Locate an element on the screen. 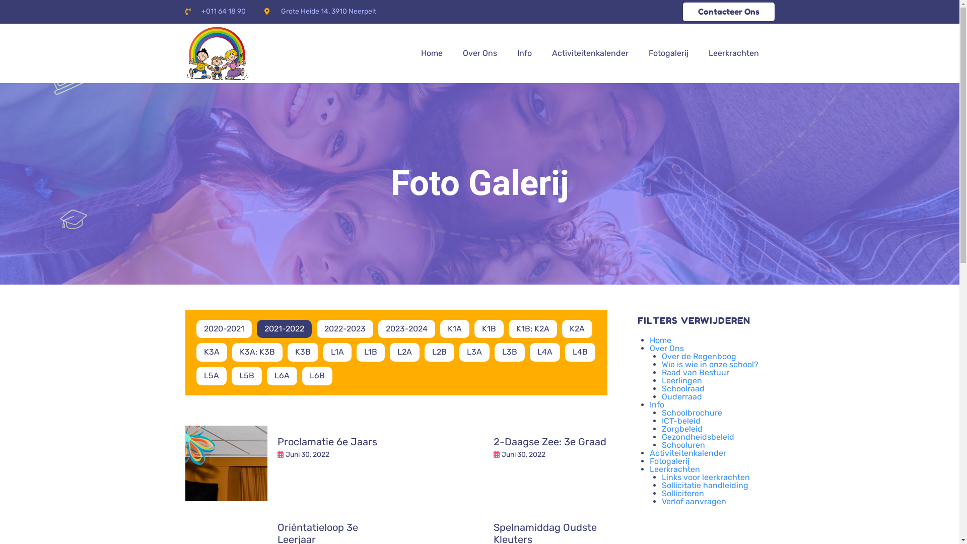  'Schoolbrochure' is located at coordinates (691, 413).